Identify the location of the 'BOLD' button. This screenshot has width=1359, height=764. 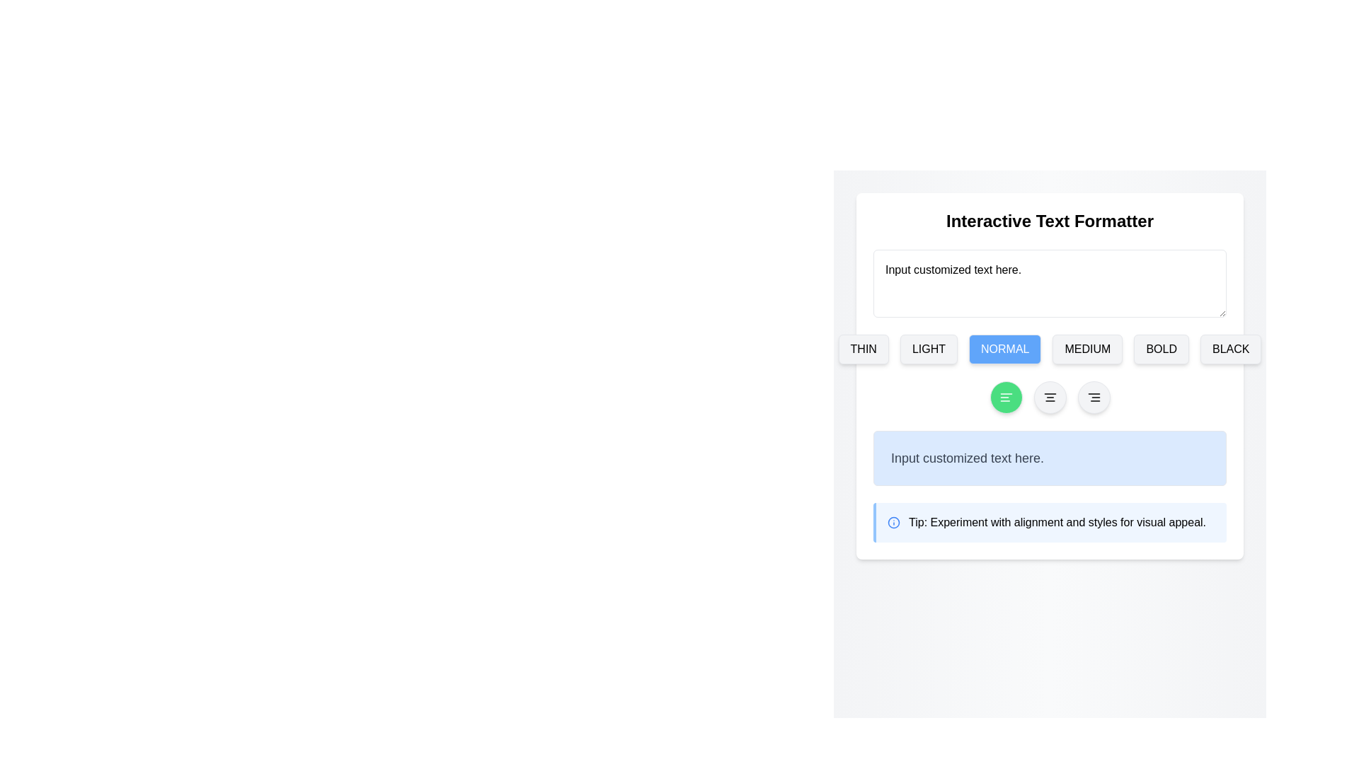
(1162, 349).